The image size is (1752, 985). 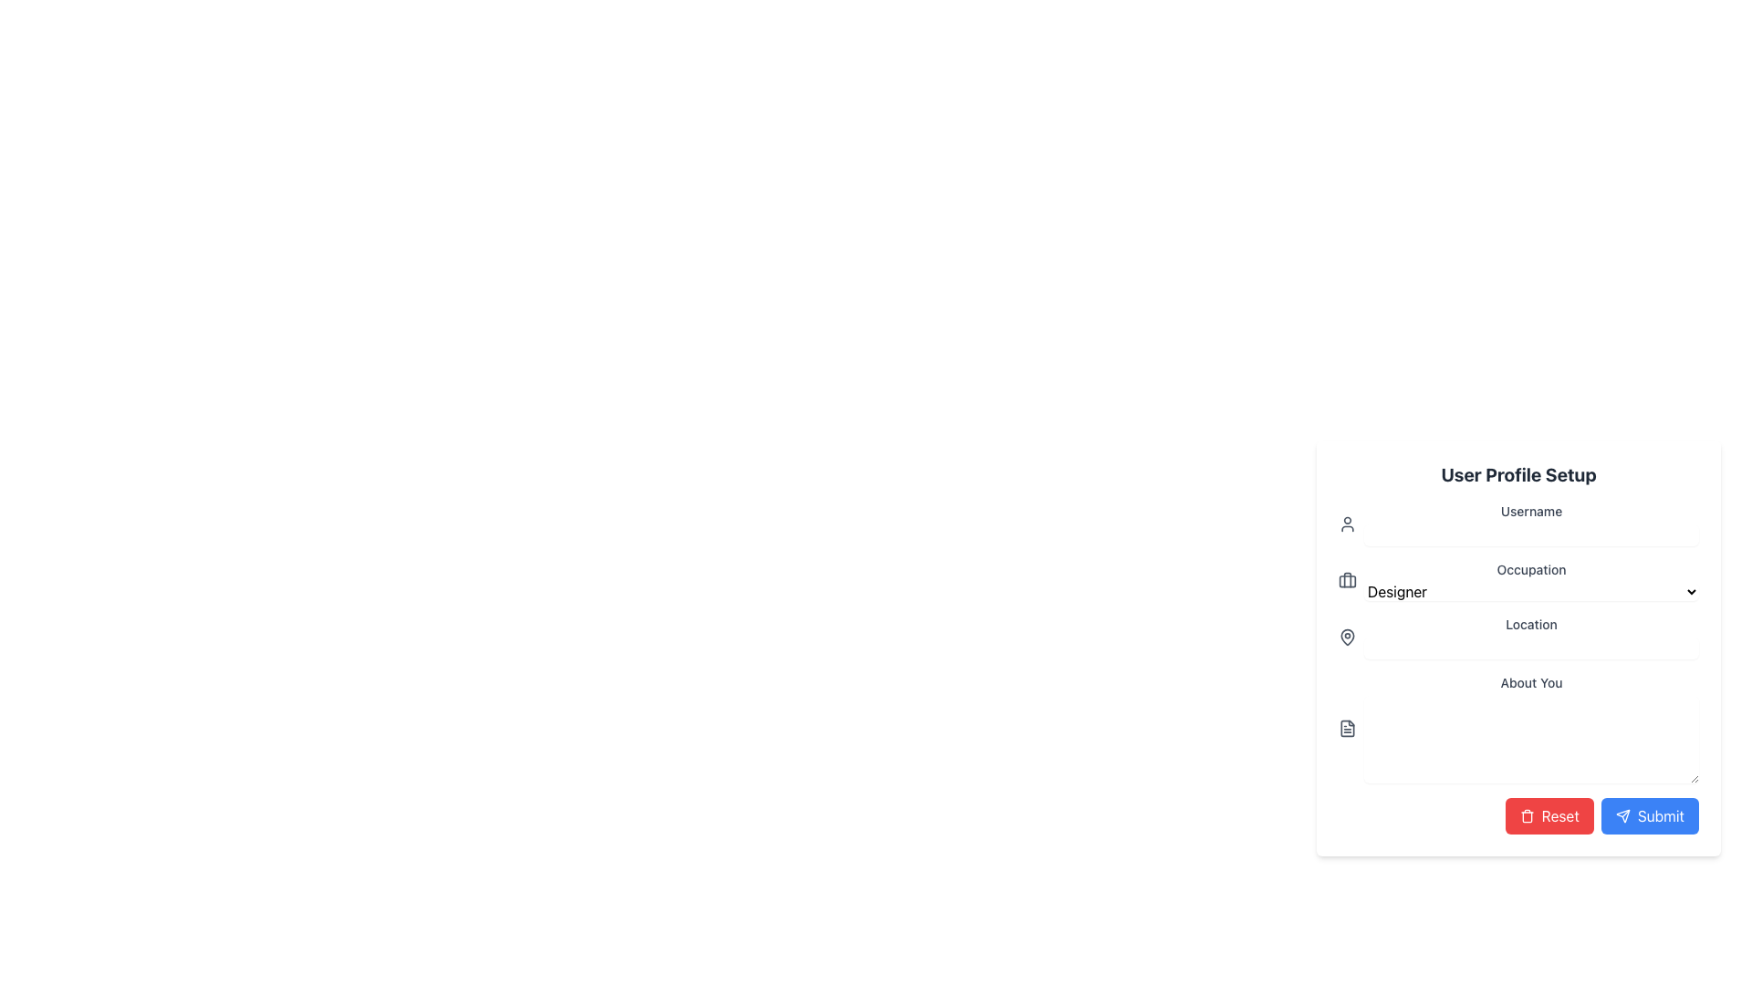 I want to click on the label that indicates the username input field in the 'User Profile Setup' form, located between the user icon and the 'Occupation' section, so click(x=1531, y=524).